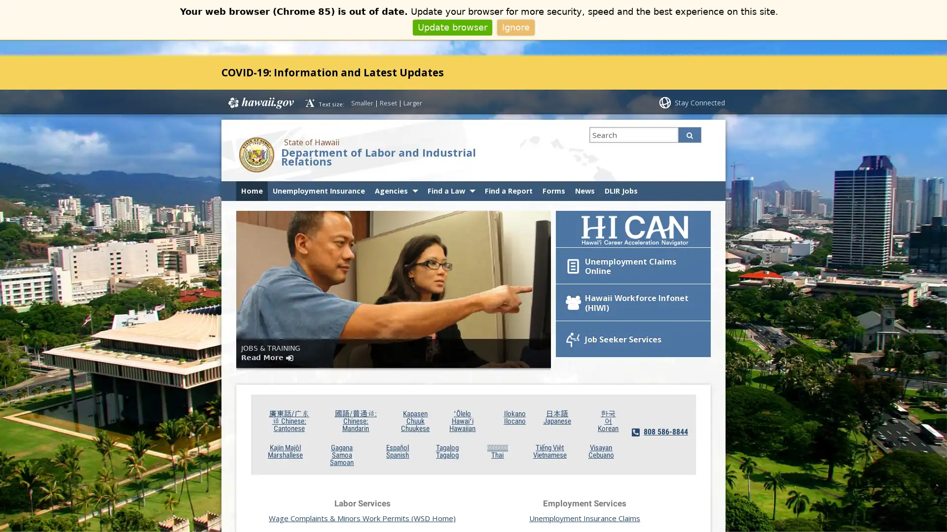 The height and width of the screenshot is (532, 947). What do you see at coordinates (341, 459) in the screenshot?
I see `Gagana Samoa Samoan` at bounding box center [341, 459].